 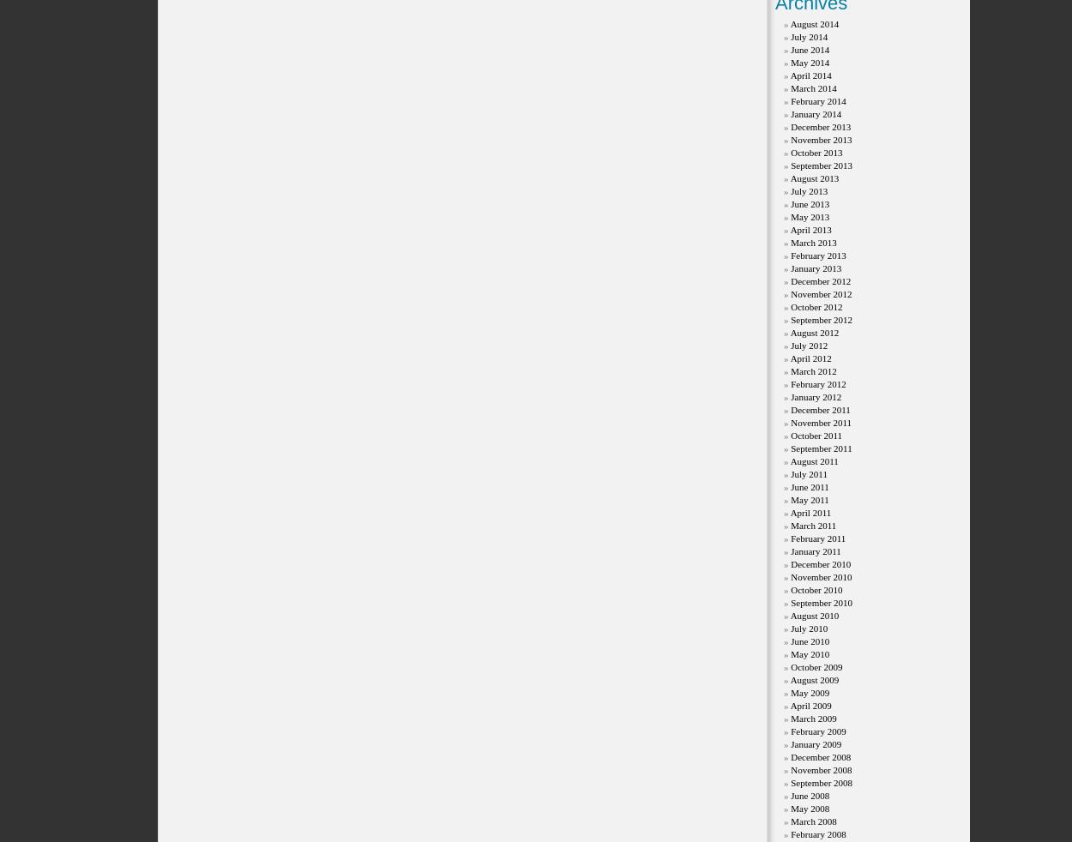 What do you see at coordinates (820, 421) in the screenshot?
I see `'November 2011'` at bounding box center [820, 421].